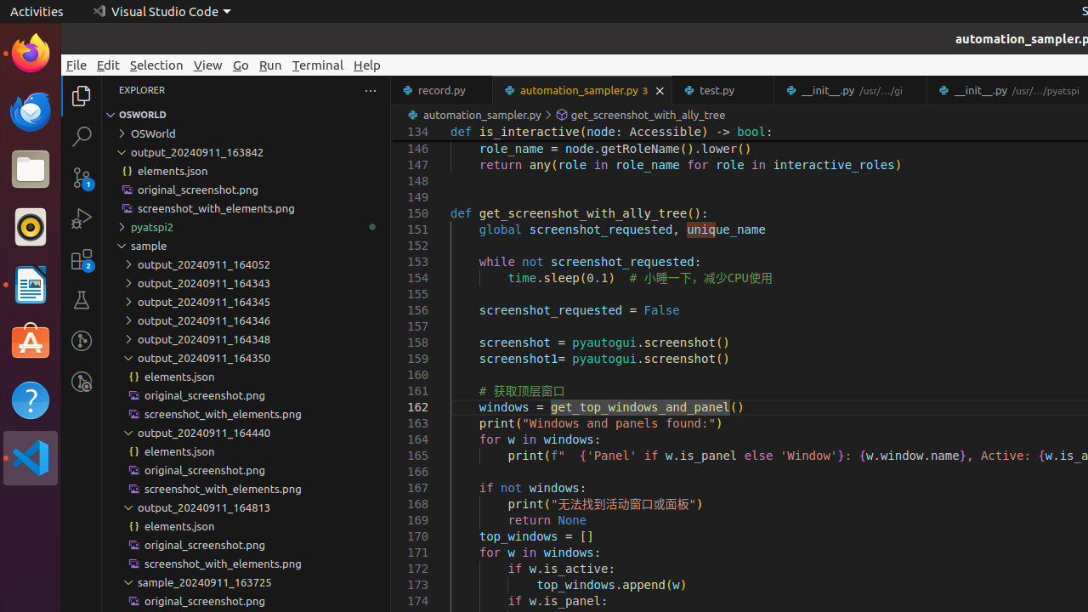 This screenshot has width=1088, height=612. I want to click on 'Search (Ctrl+Shift+F)', so click(81, 135).